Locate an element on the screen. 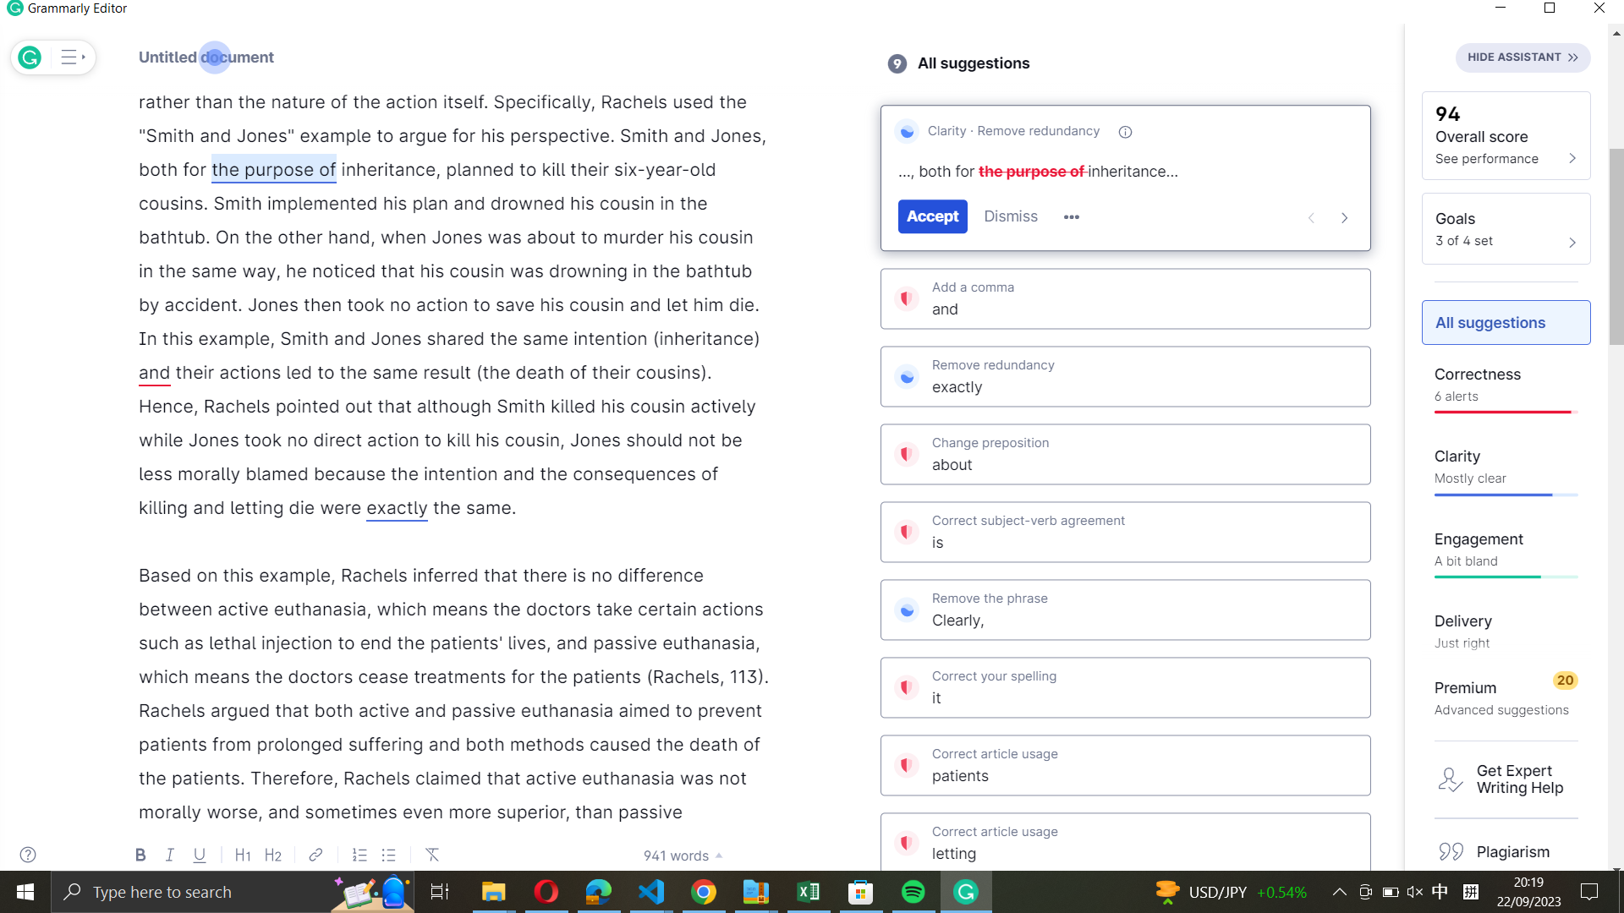 This screenshot has width=1624, height=913. the exact suggestion from Grammarly is located at coordinates (1125, 374).